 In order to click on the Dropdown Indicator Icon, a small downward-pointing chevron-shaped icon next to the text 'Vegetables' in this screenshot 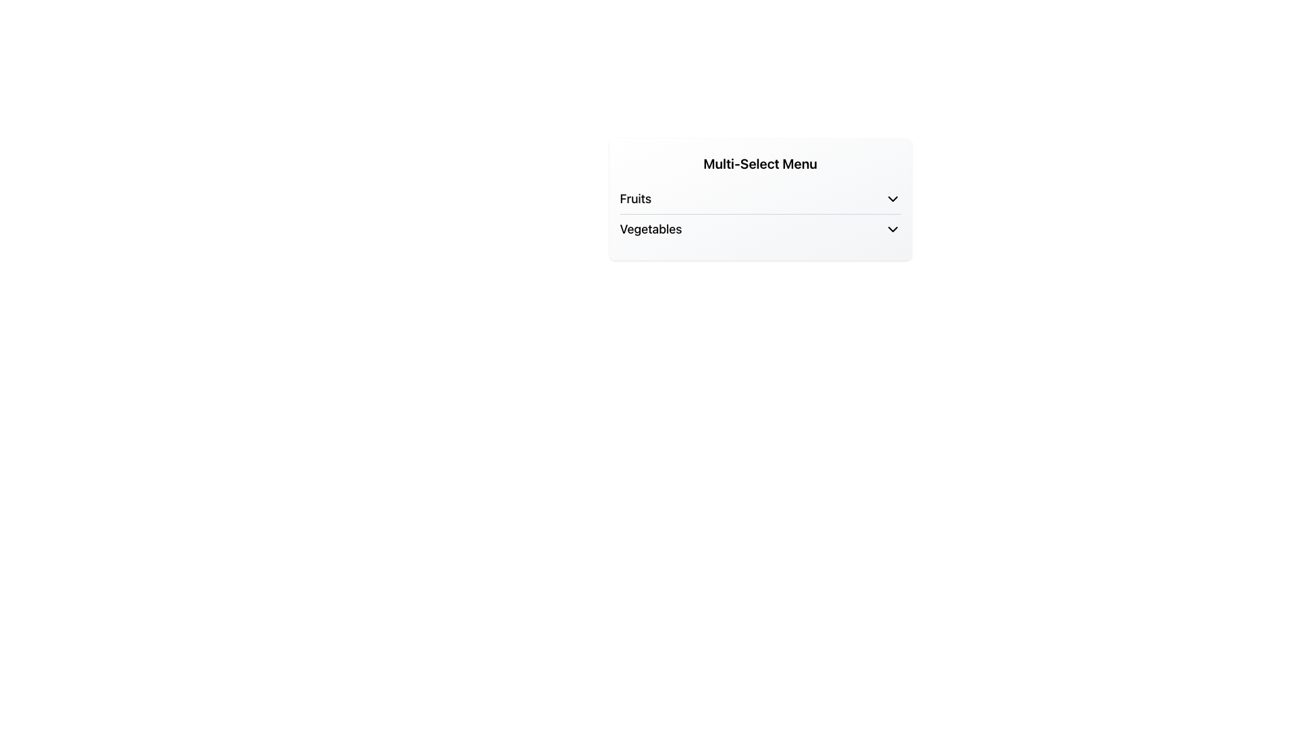, I will do `click(892, 228)`.